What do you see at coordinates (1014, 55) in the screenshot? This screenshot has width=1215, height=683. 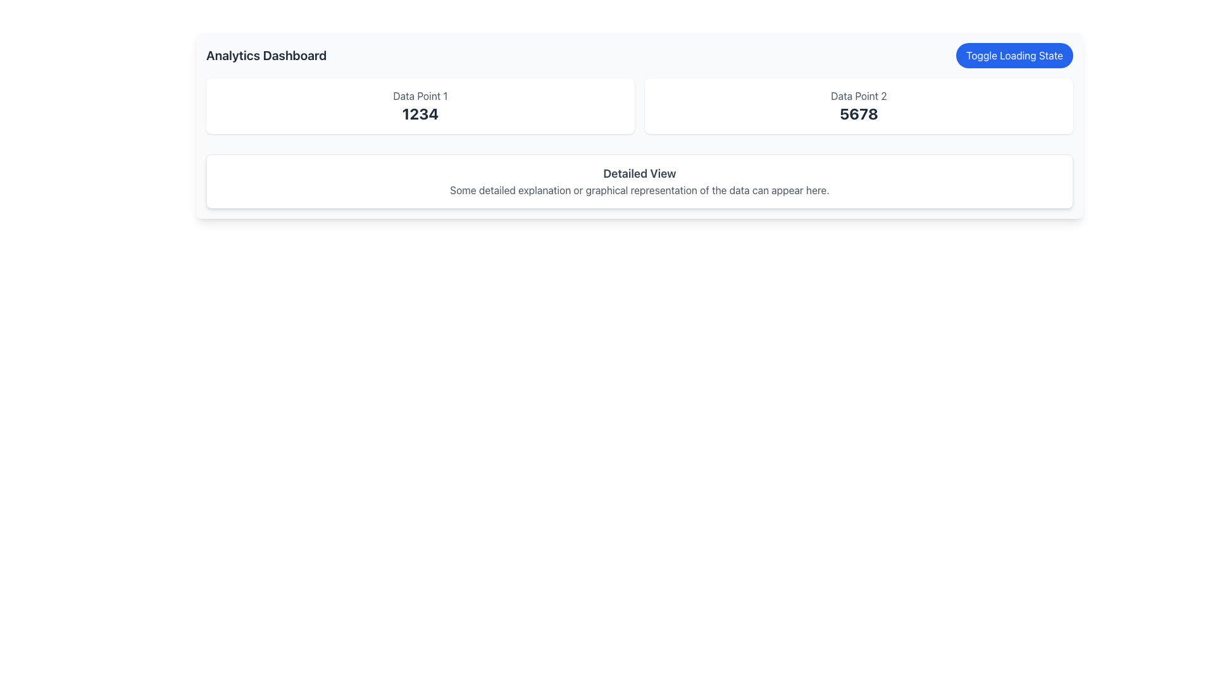 I see `the button with the text 'Toggle Loading State' which has a blue background and rounded corners to observe its hover effect` at bounding box center [1014, 55].